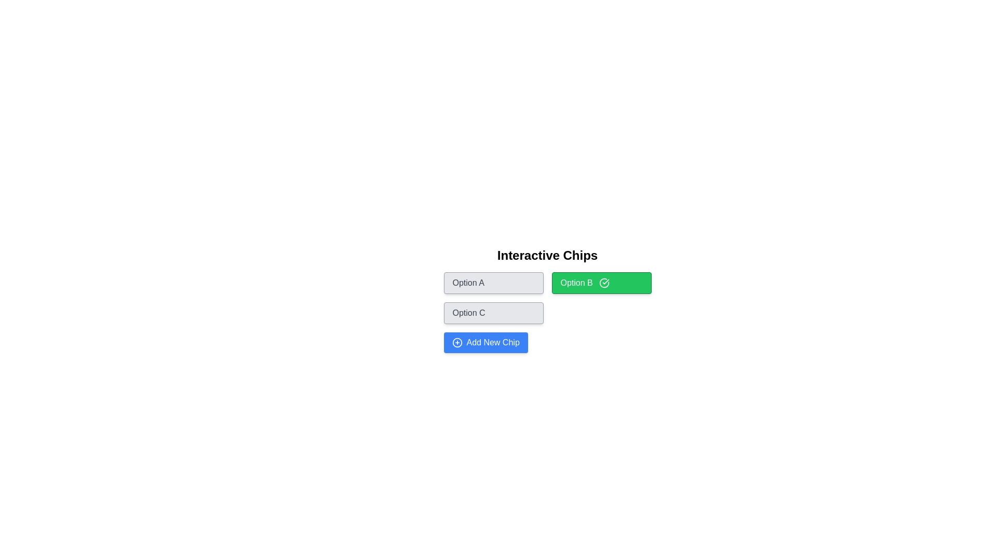 This screenshot has height=560, width=997. I want to click on the 'Add New Chip' button to add a new chip to the collection, so click(485, 342).